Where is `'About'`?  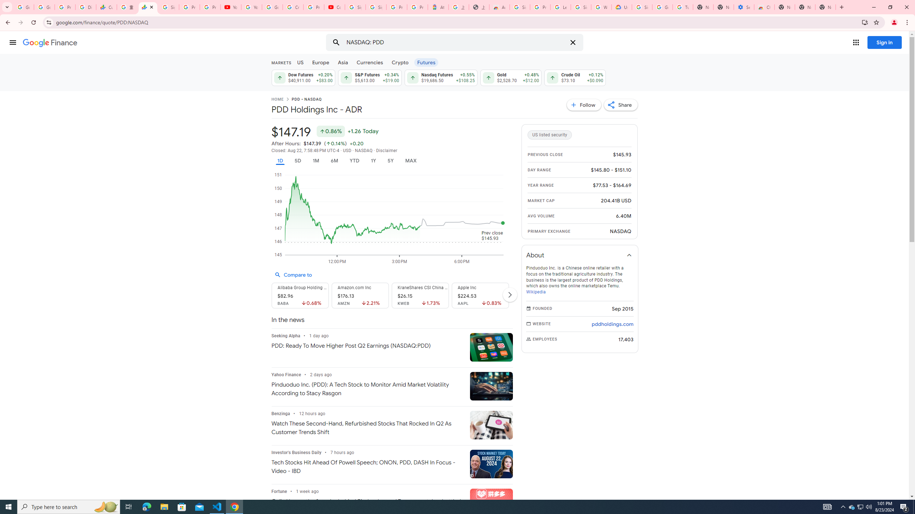 'About' is located at coordinates (580, 255).